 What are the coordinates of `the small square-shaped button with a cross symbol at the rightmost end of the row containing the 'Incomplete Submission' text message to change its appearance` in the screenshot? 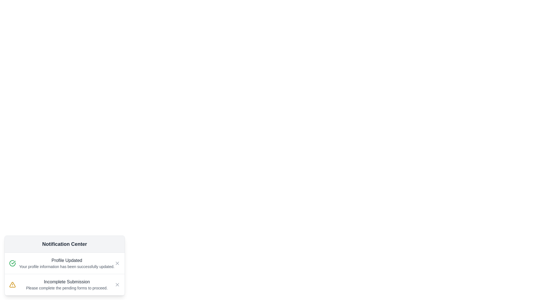 It's located at (117, 285).